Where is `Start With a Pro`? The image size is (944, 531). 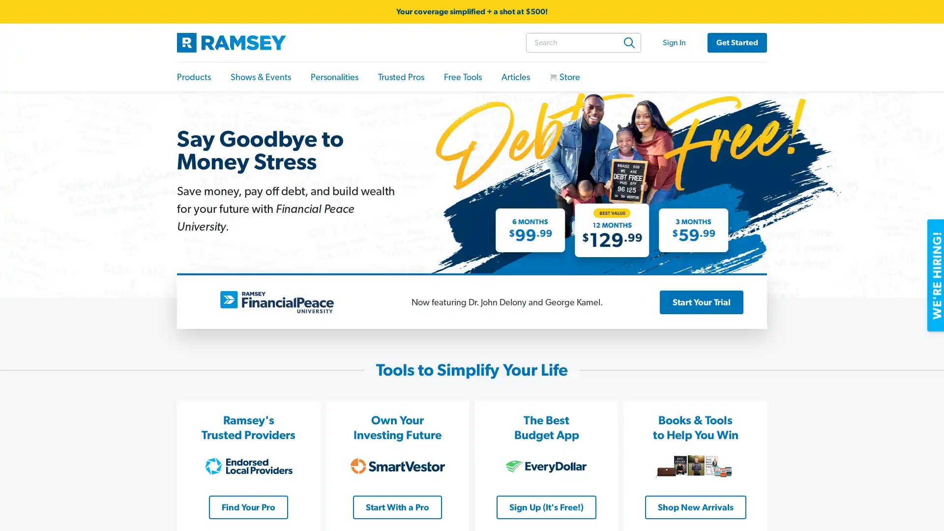
Start With a Pro is located at coordinates (397, 506).